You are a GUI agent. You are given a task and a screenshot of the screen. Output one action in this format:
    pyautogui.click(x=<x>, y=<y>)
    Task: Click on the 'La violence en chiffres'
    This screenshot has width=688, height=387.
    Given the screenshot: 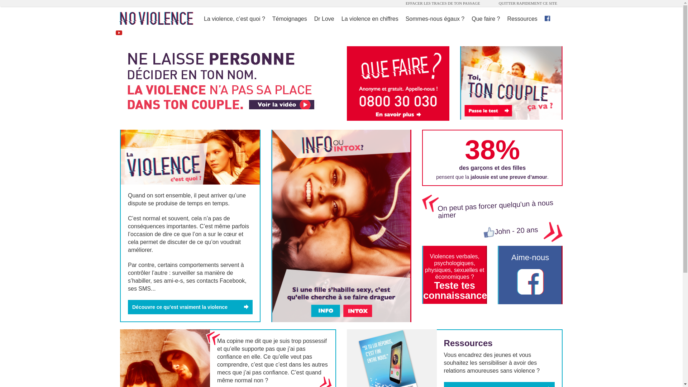 What is the action you would take?
    pyautogui.click(x=370, y=18)
    